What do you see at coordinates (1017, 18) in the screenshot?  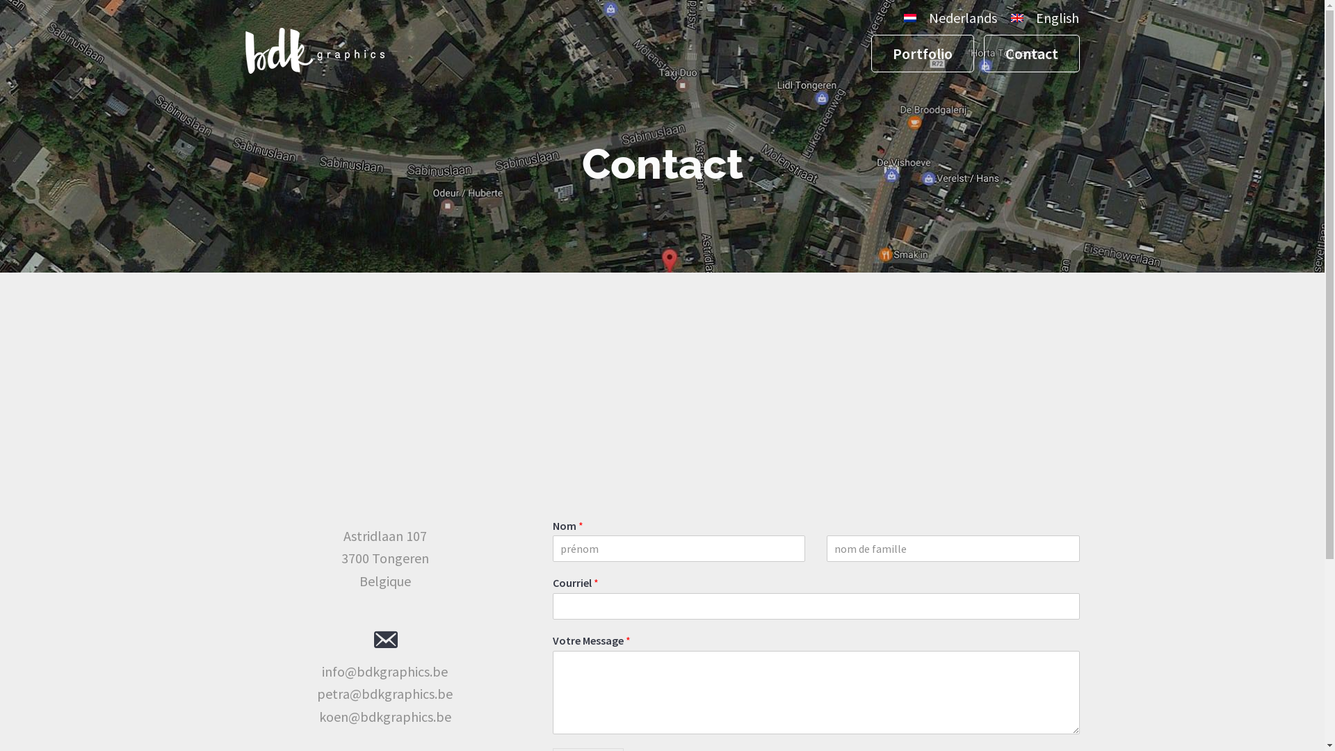 I see `'English'` at bounding box center [1017, 18].